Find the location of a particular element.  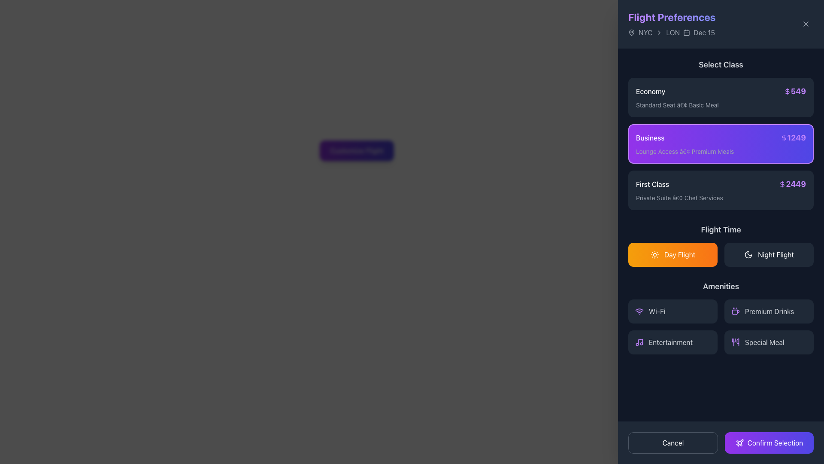

the 'Night Flight' button in the 'Flight Time' section is located at coordinates (769, 254).